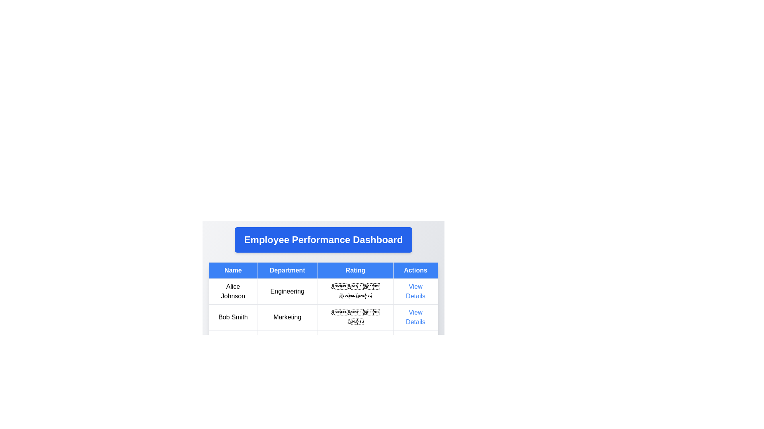 Image resolution: width=764 pixels, height=429 pixels. I want to click on the 'Department' table header button, which is a rectangular button with white text on a blue background, located in the second column of the table, so click(287, 270).